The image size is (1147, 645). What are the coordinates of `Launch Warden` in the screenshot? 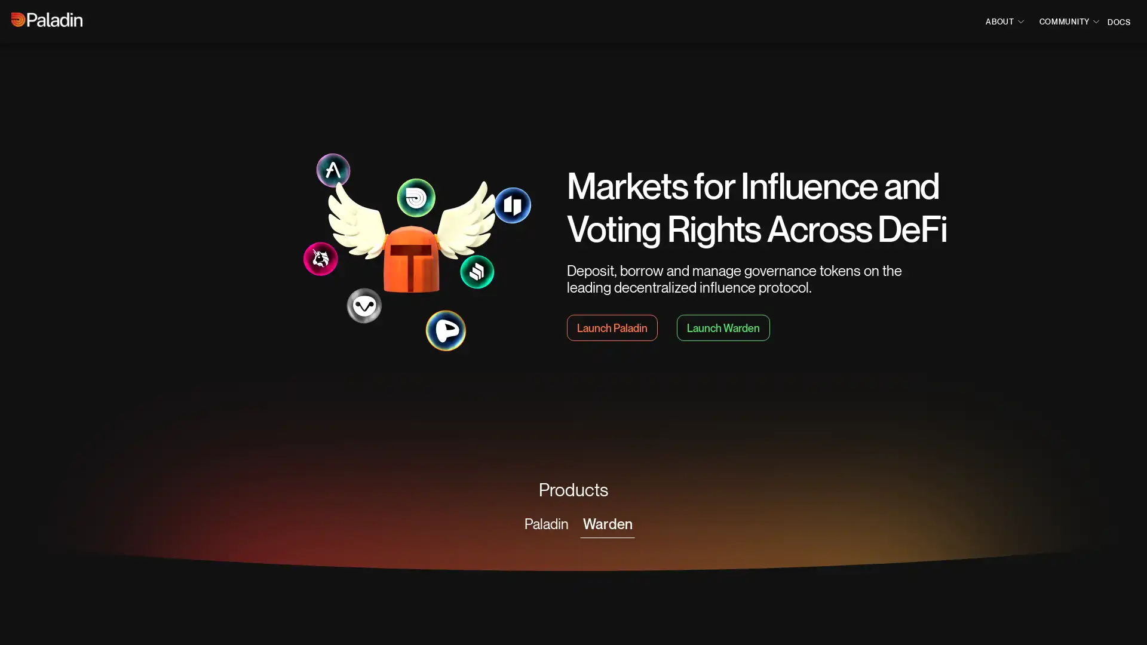 It's located at (722, 327).